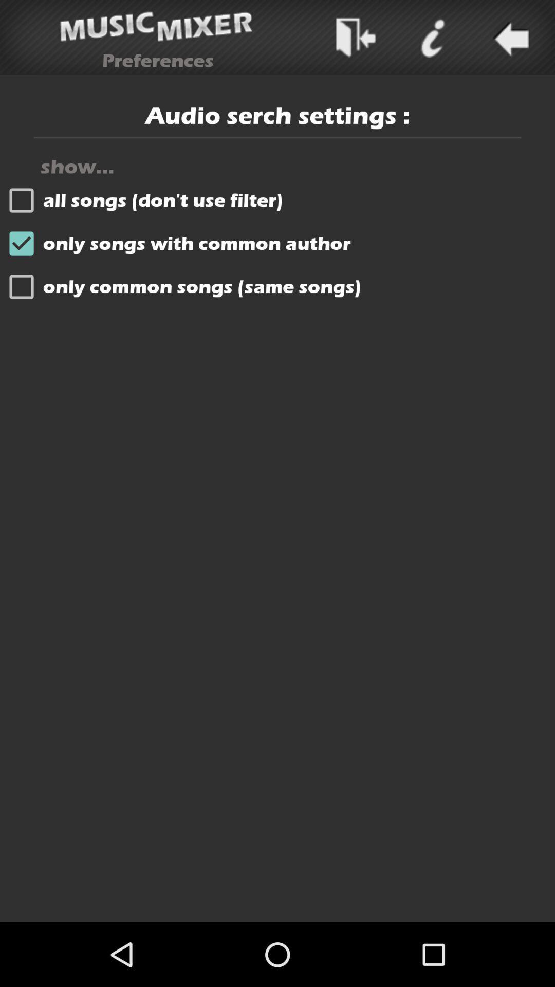  Describe the element at coordinates (432, 40) in the screenshot. I see `the info icon` at that location.